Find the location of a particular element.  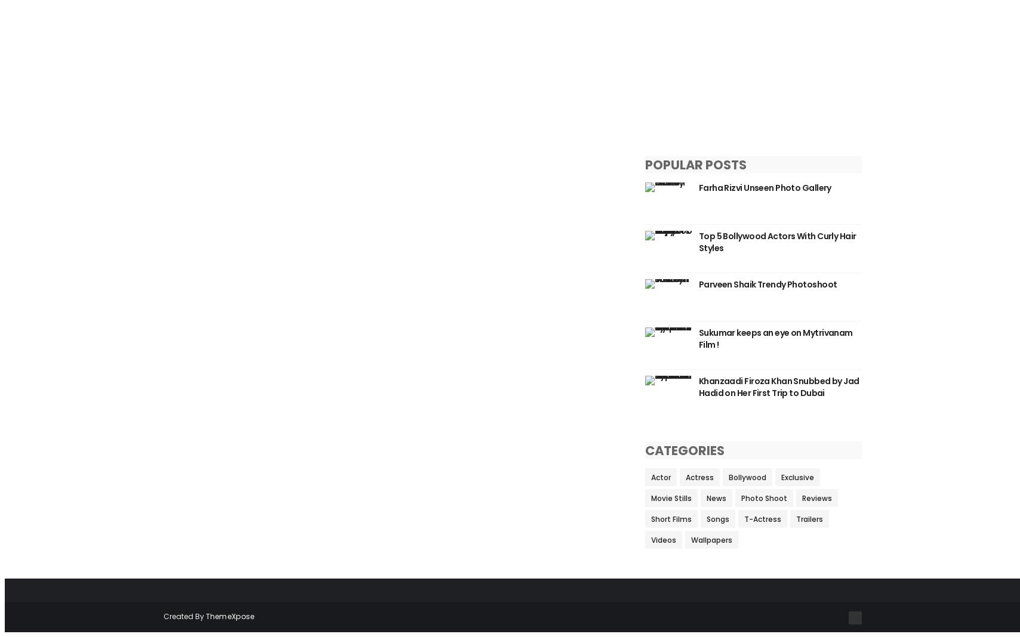

'Actress' is located at coordinates (699, 477).